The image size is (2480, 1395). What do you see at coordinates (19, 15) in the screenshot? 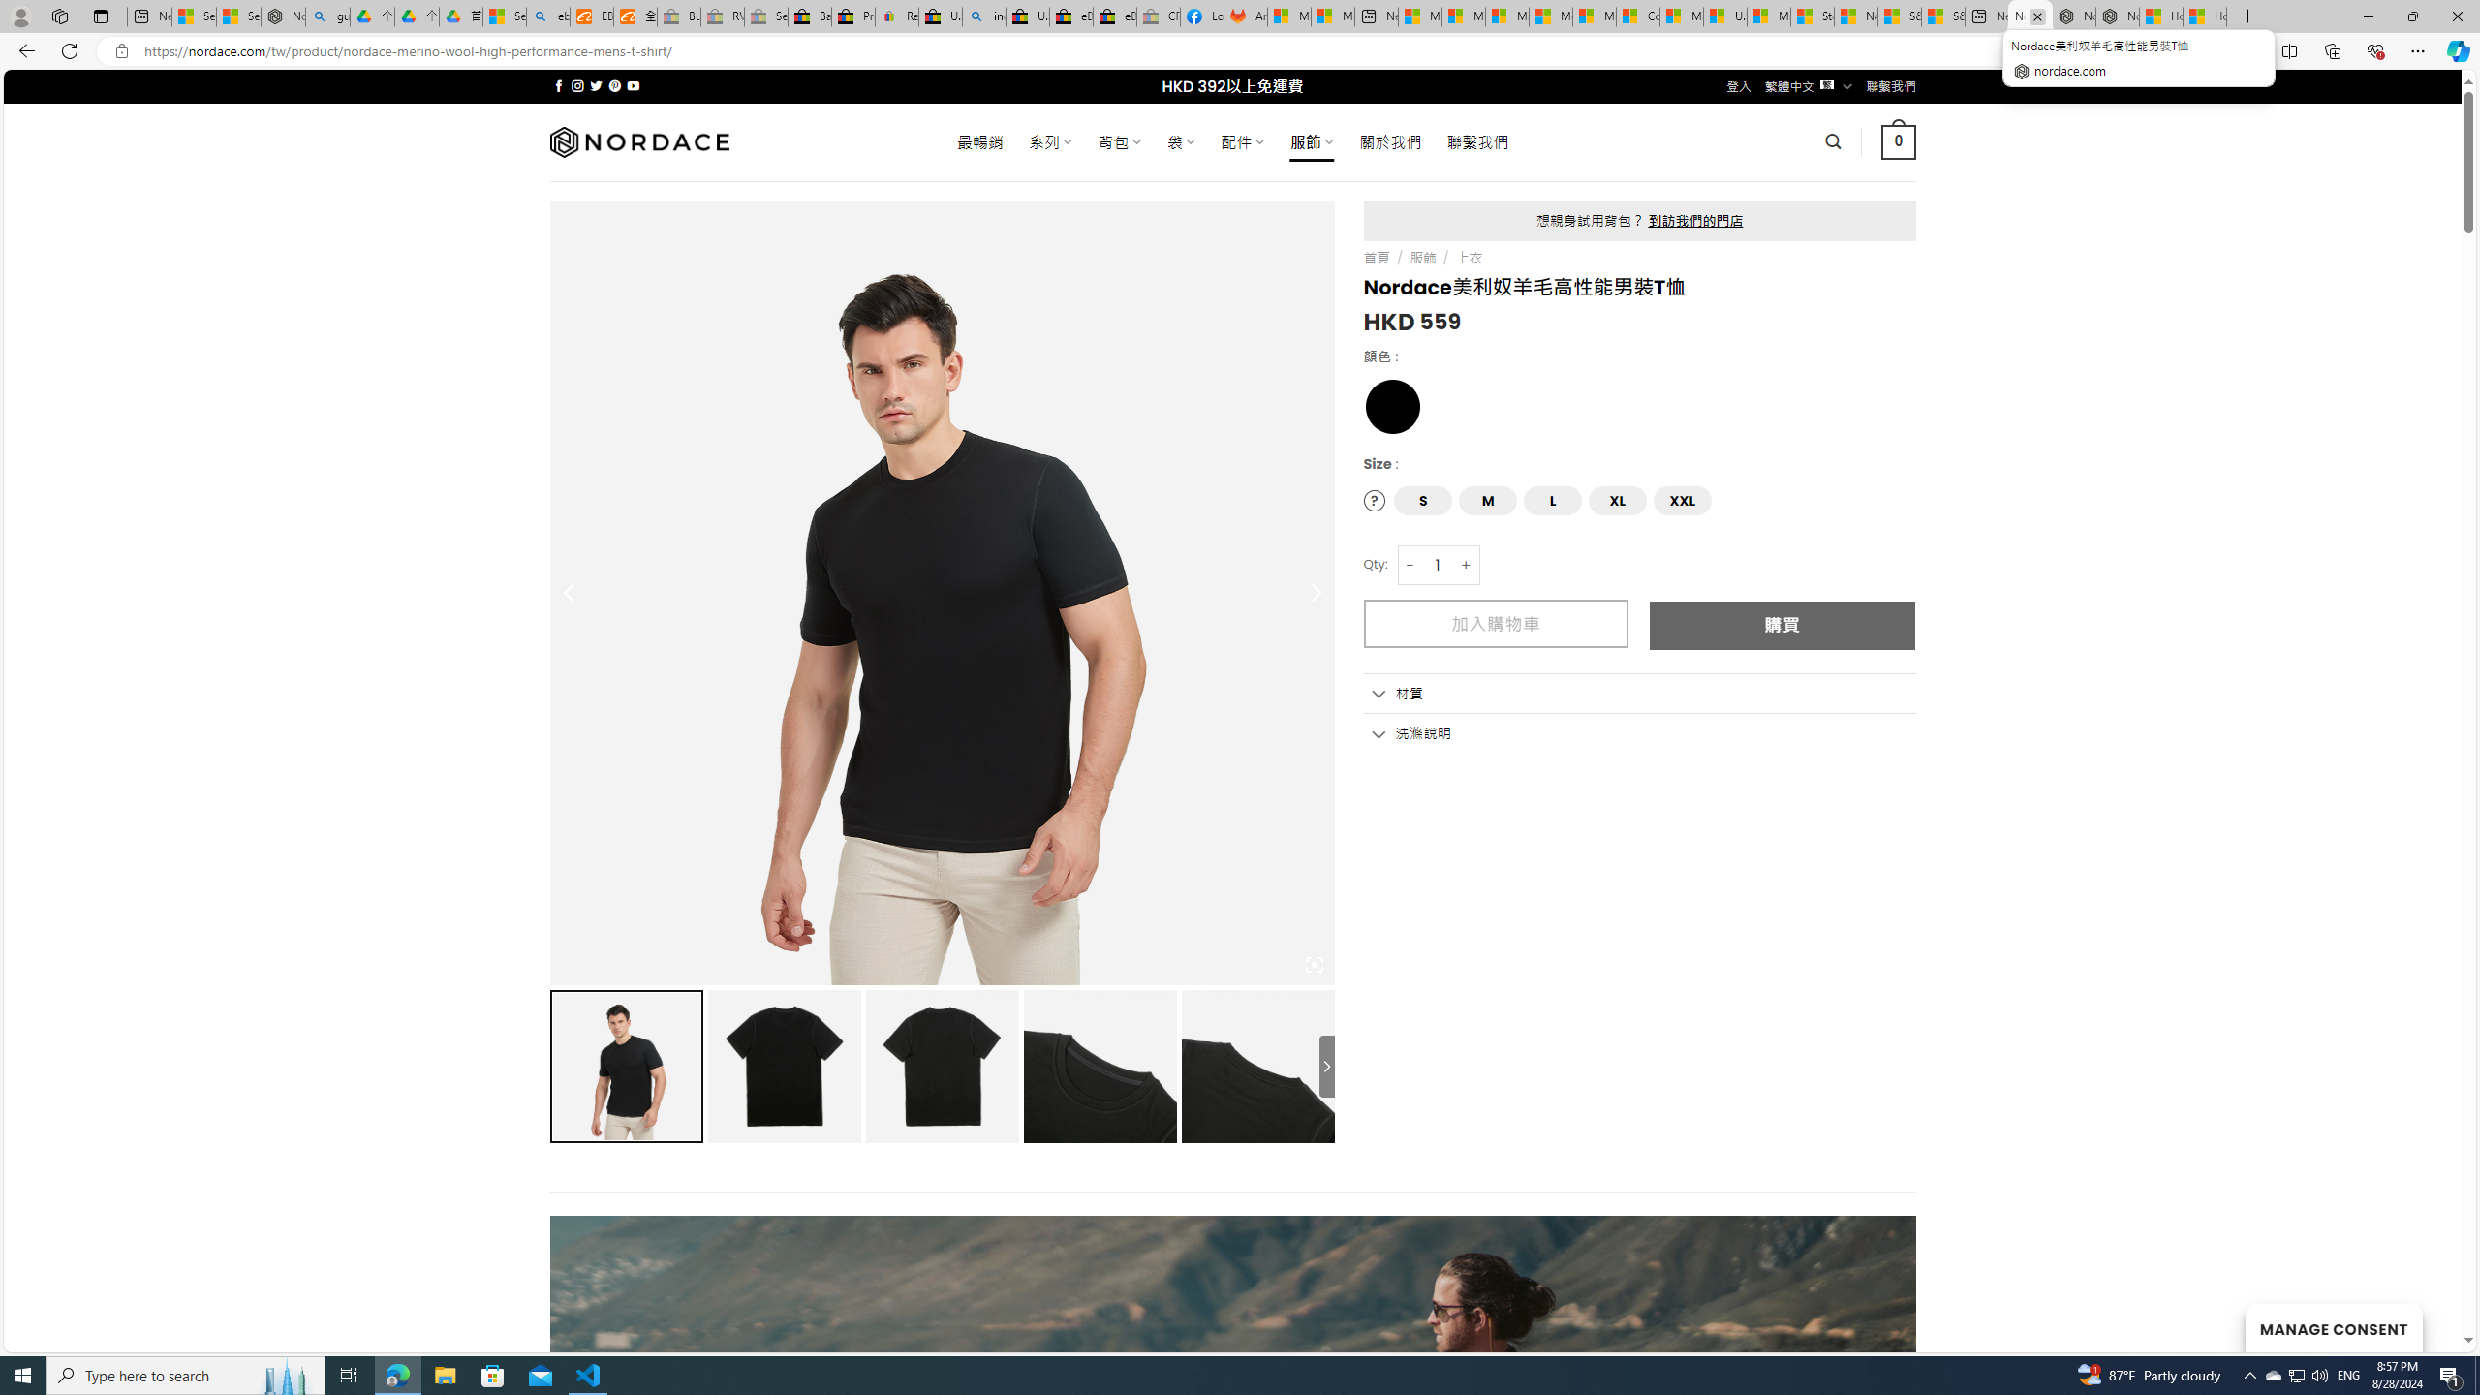
I see `'Personal Profile'` at bounding box center [19, 15].